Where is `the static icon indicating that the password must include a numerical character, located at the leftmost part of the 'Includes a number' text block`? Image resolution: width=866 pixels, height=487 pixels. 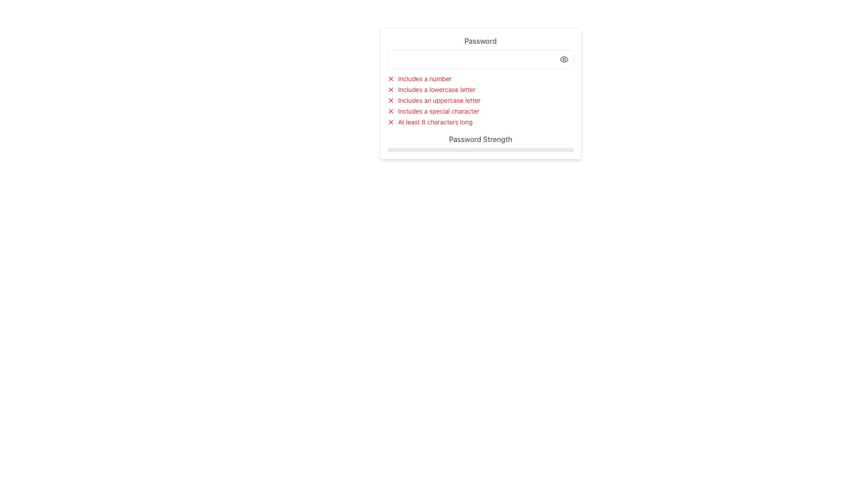
the static icon indicating that the password must include a numerical character, located at the leftmost part of the 'Includes a number' text block is located at coordinates (391, 78).